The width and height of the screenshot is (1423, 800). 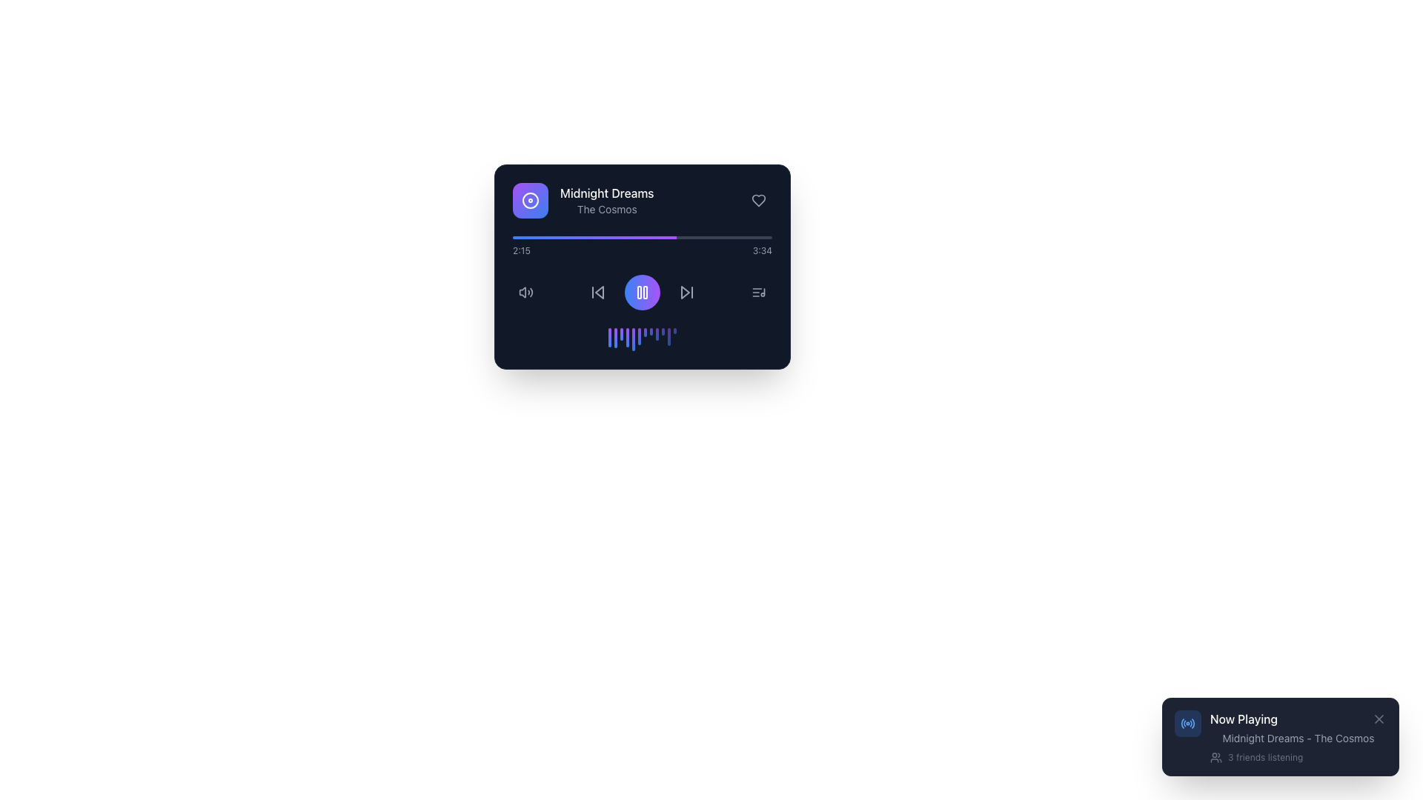 What do you see at coordinates (762, 250) in the screenshot?
I see `the static text label displaying '3:34', which is positioned at the far right of the media player's progress bar` at bounding box center [762, 250].